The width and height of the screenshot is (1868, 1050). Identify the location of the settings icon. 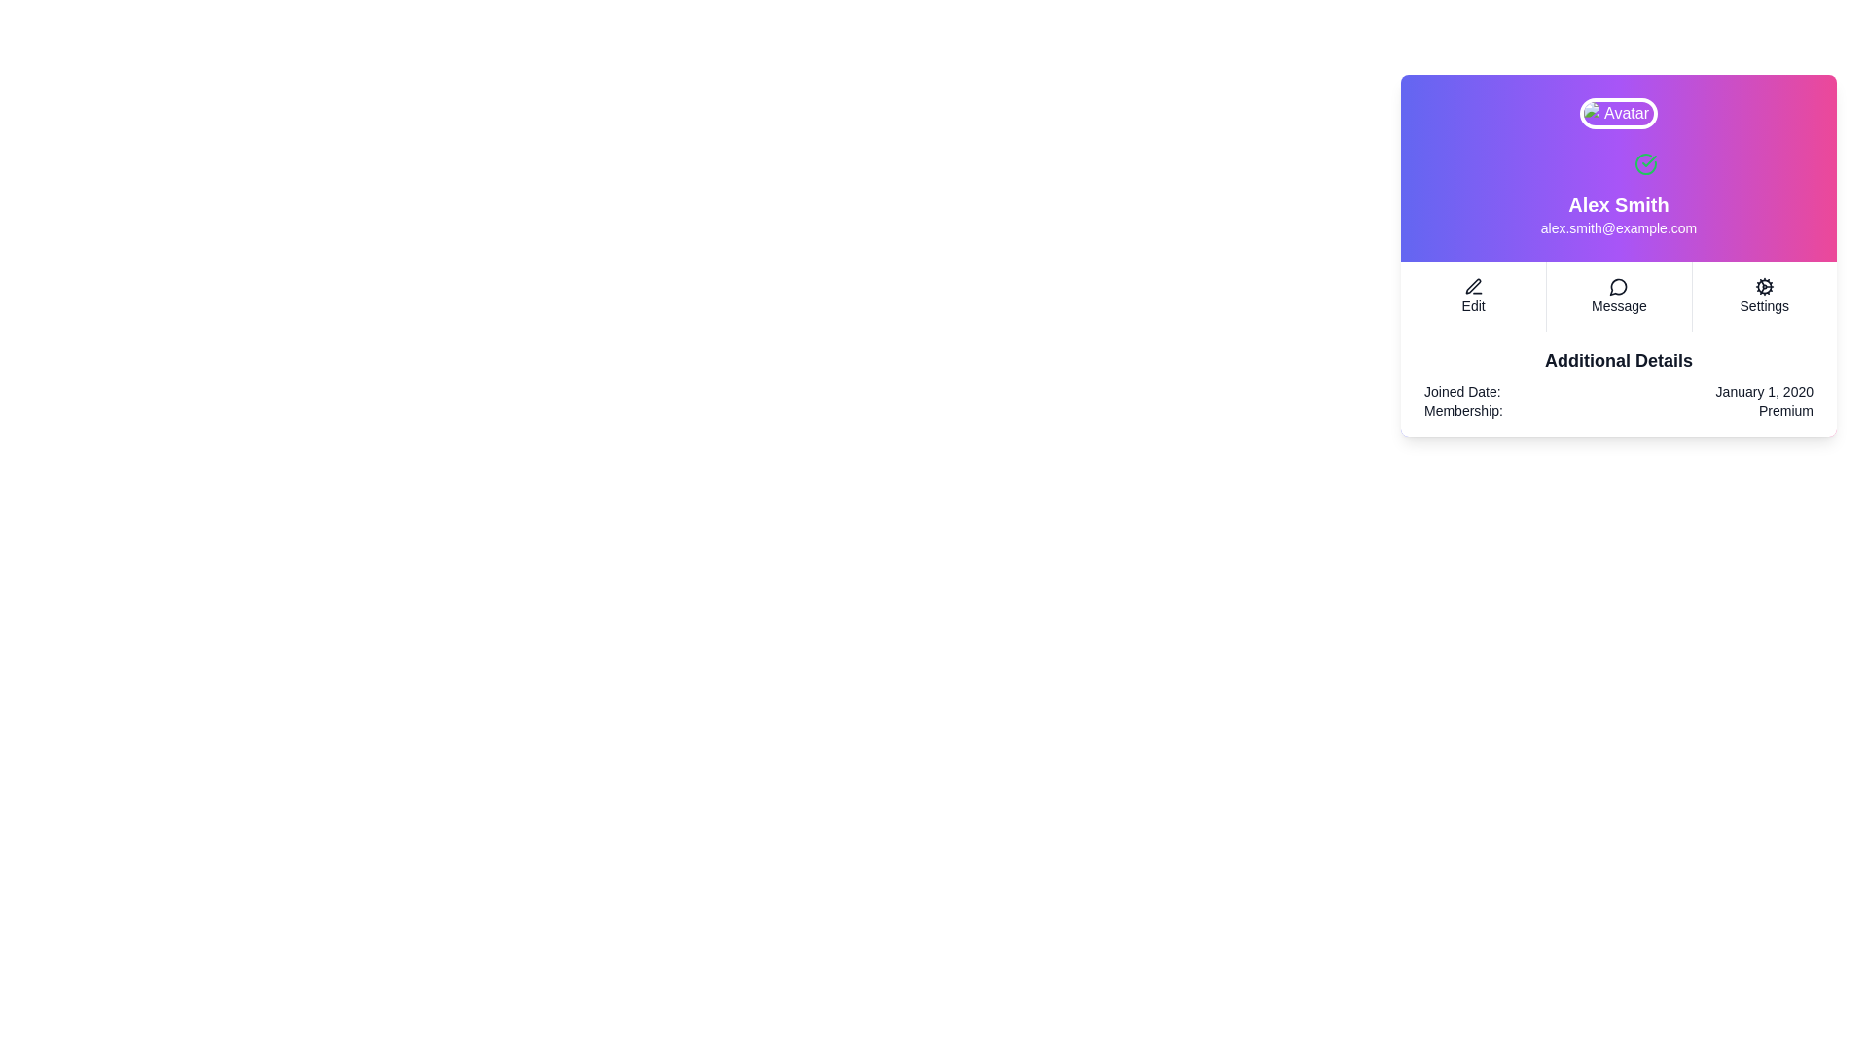
(1764, 286).